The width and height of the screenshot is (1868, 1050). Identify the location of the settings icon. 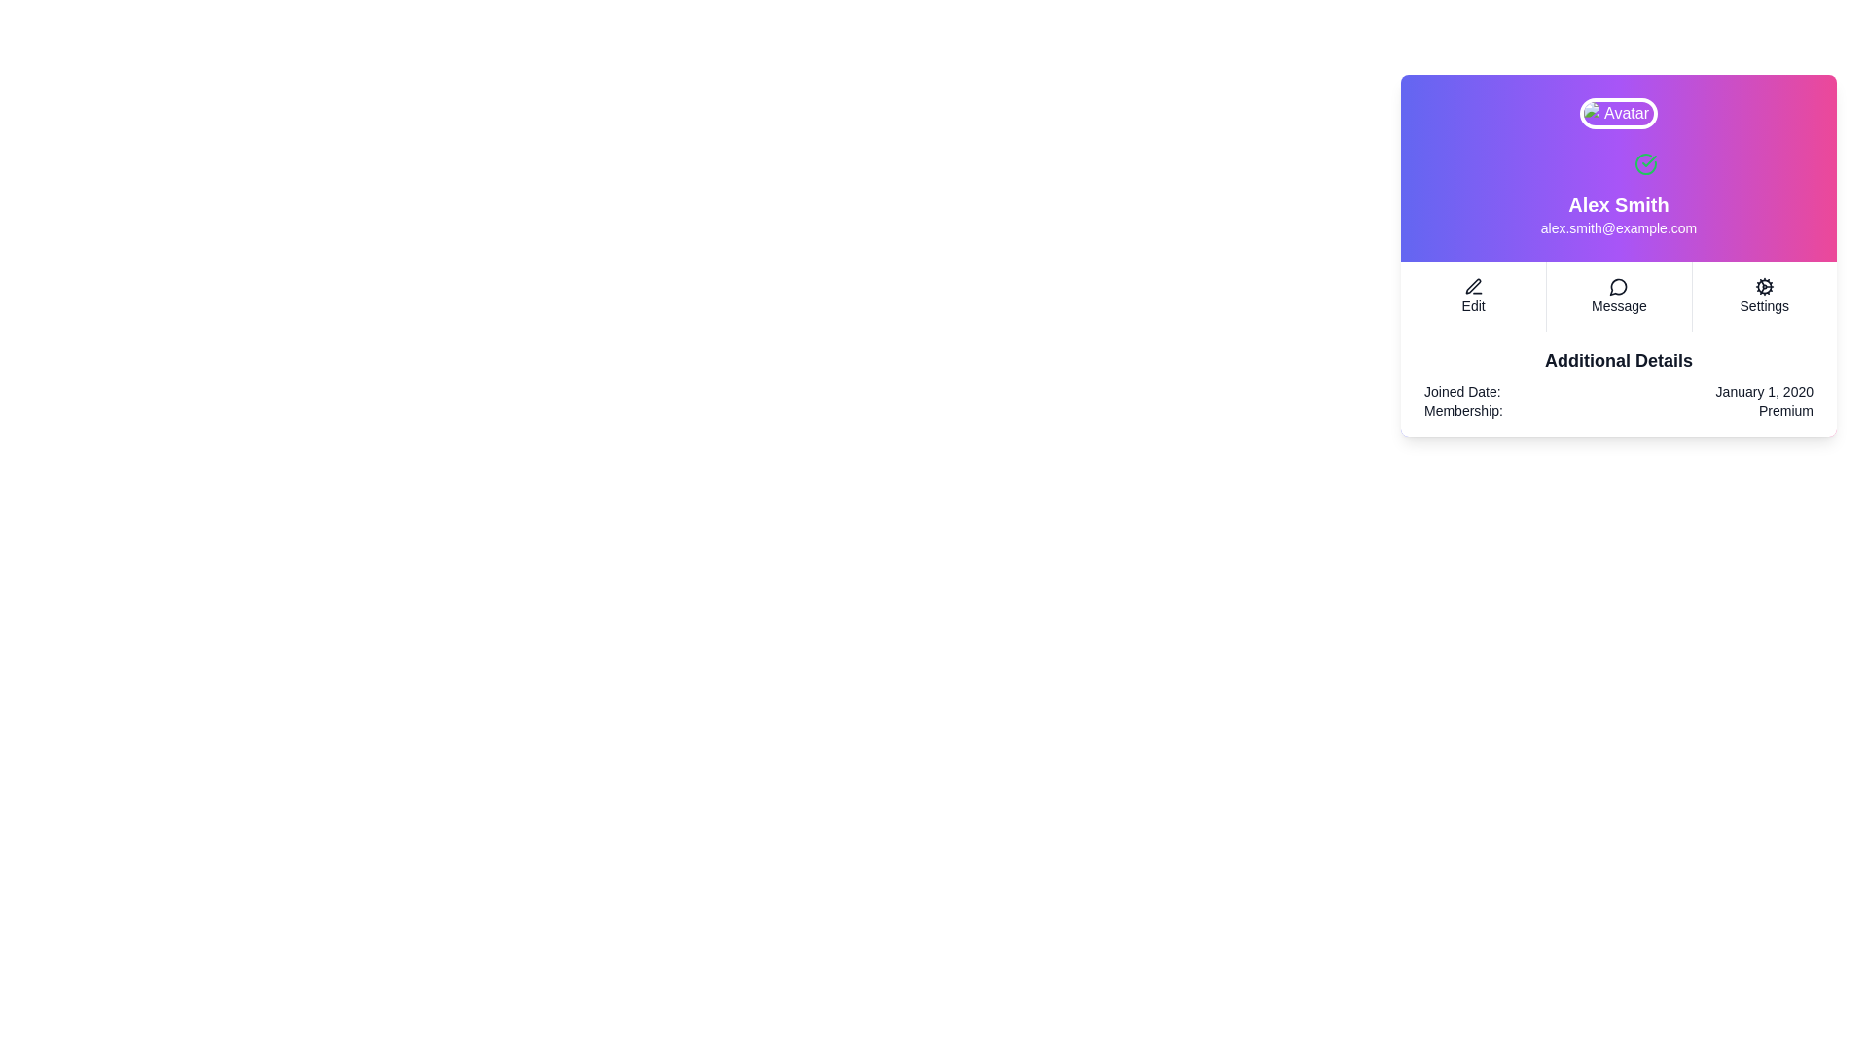
(1764, 286).